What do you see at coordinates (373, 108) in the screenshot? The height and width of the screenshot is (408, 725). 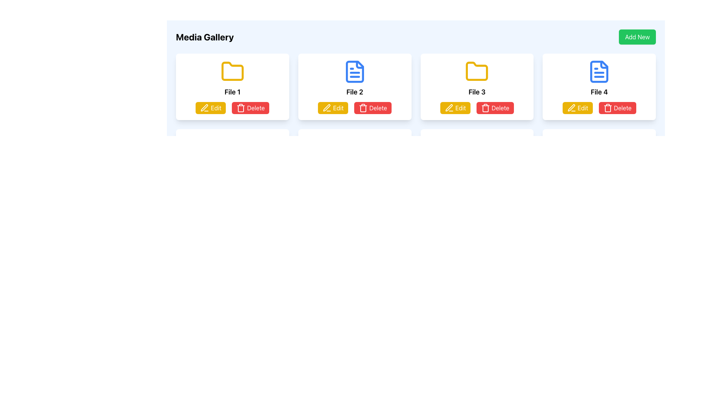 I see `the 'Delete' button with a red background and white text, located within the action section below the card labeled 'File 2'` at bounding box center [373, 108].